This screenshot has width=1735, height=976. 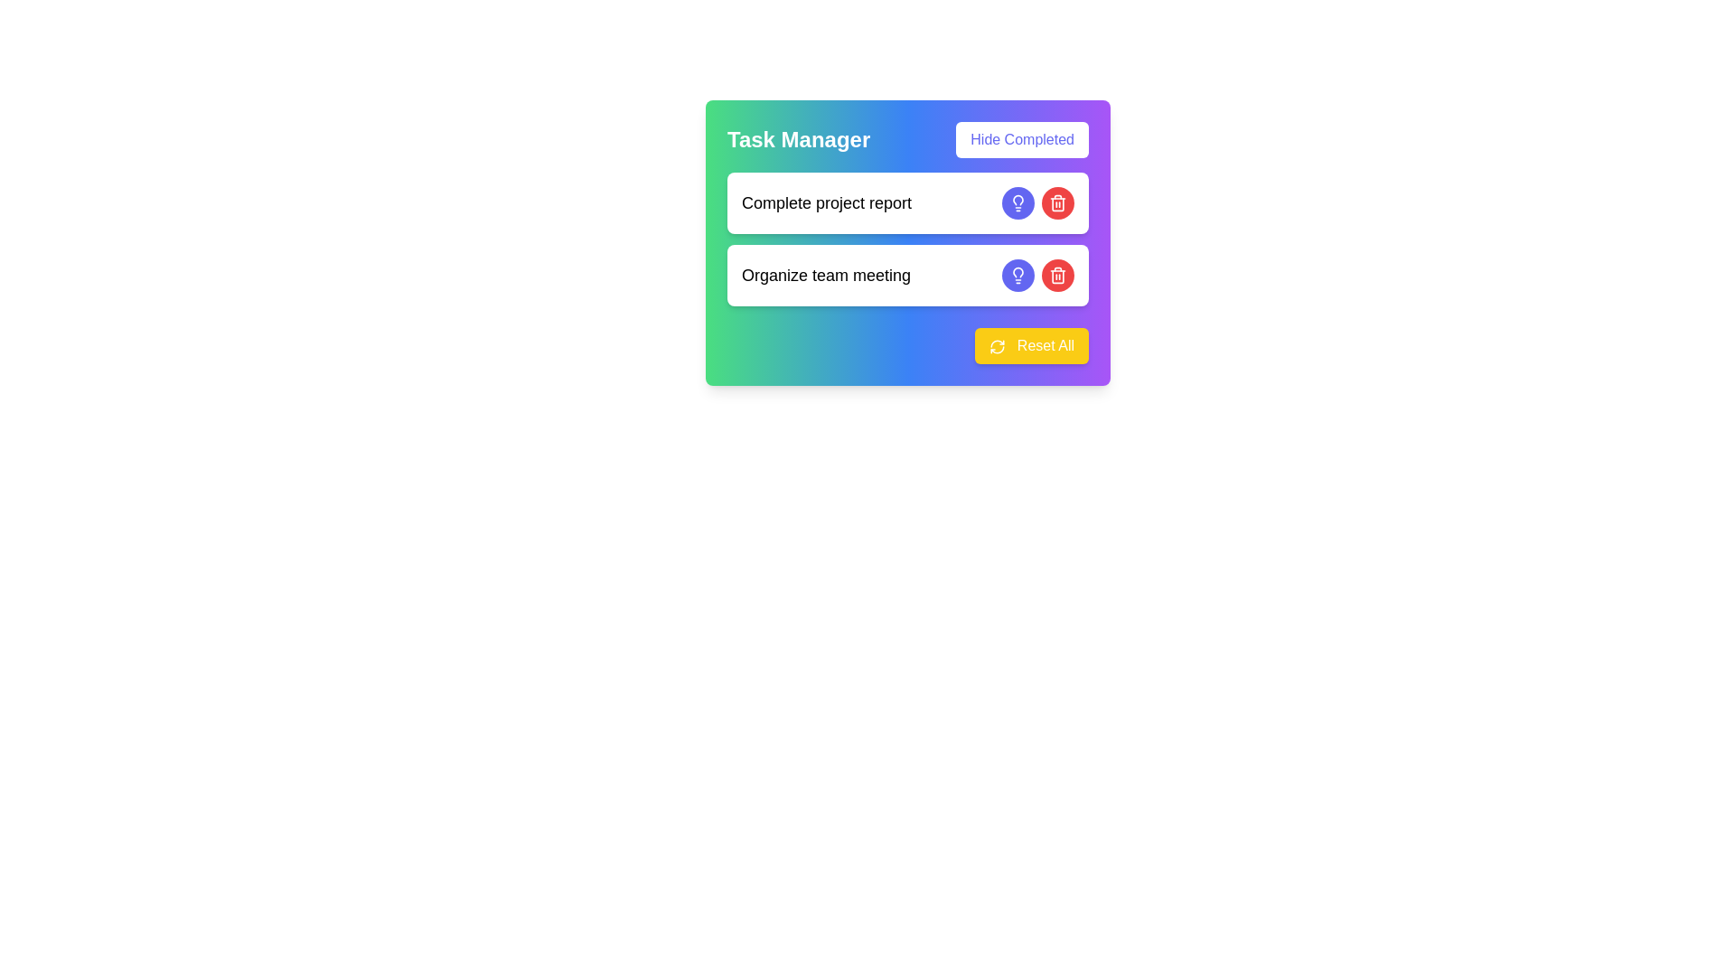 I want to click on the text label or heading that serves as the title for the task management section, located at the top-left corner of the gradient-colored panel, slightly to the left of the 'Hide Completed' button, so click(x=798, y=138).